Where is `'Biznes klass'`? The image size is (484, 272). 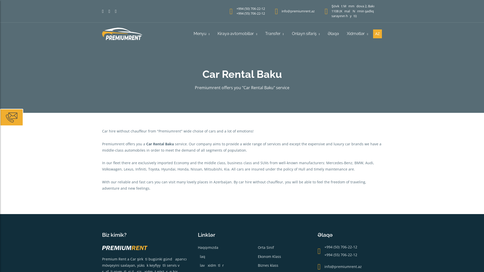
'Biznes klass' is located at coordinates (267, 265).